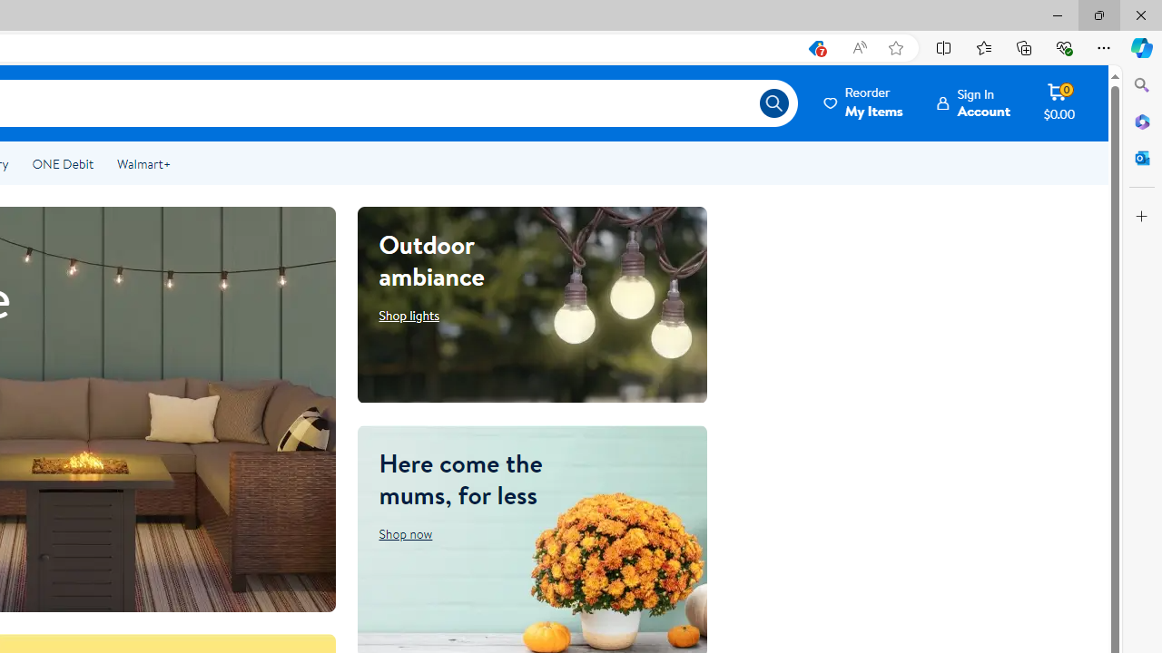 The image size is (1162, 653). What do you see at coordinates (773, 103) in the screenshot?
I see `'Search icon'` at bounding box center [773, 103].